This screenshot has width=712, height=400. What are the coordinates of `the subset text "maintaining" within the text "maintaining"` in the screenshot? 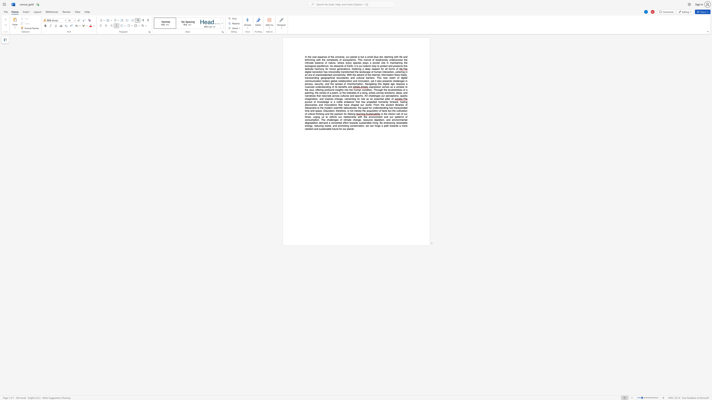 It's located at (390, 62).